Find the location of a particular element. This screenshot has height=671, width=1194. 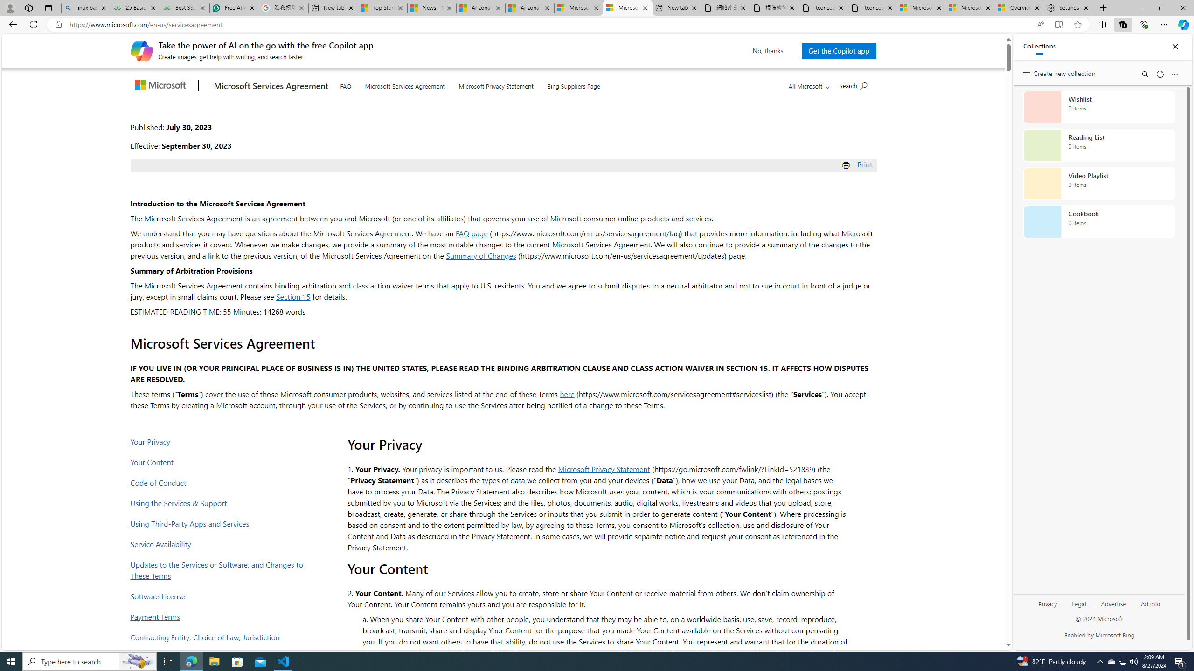

'Using the Services & Support' is located at coordinates (219, 503).